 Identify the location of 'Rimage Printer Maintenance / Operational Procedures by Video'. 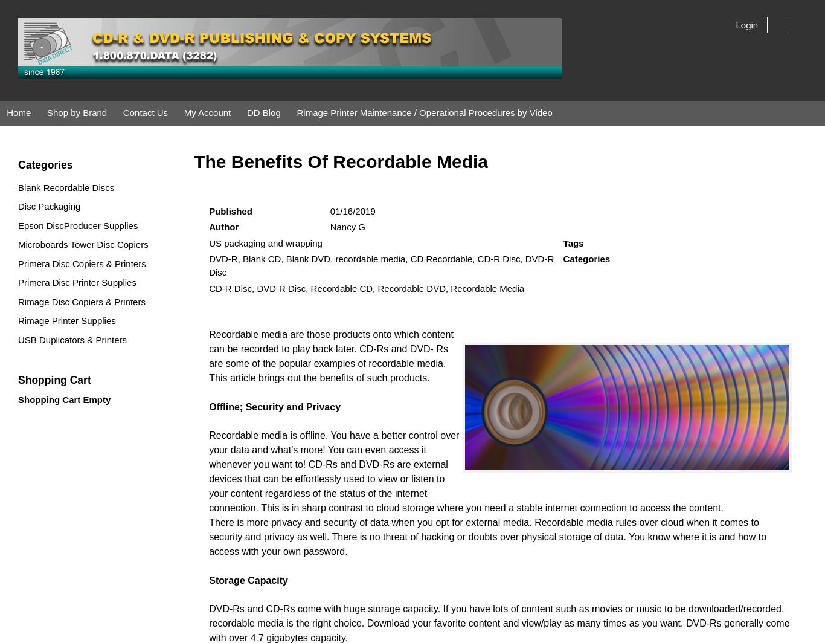
(424, 112).